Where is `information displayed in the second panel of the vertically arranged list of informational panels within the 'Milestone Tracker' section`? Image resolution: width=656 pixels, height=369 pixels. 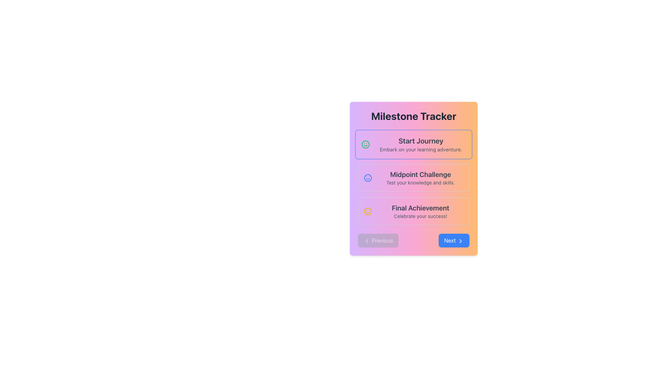
information displayed in the second panel of the vertically arranged list of informational panels within the 'Milestone Tracker' section is located at coordinates (413, 177).